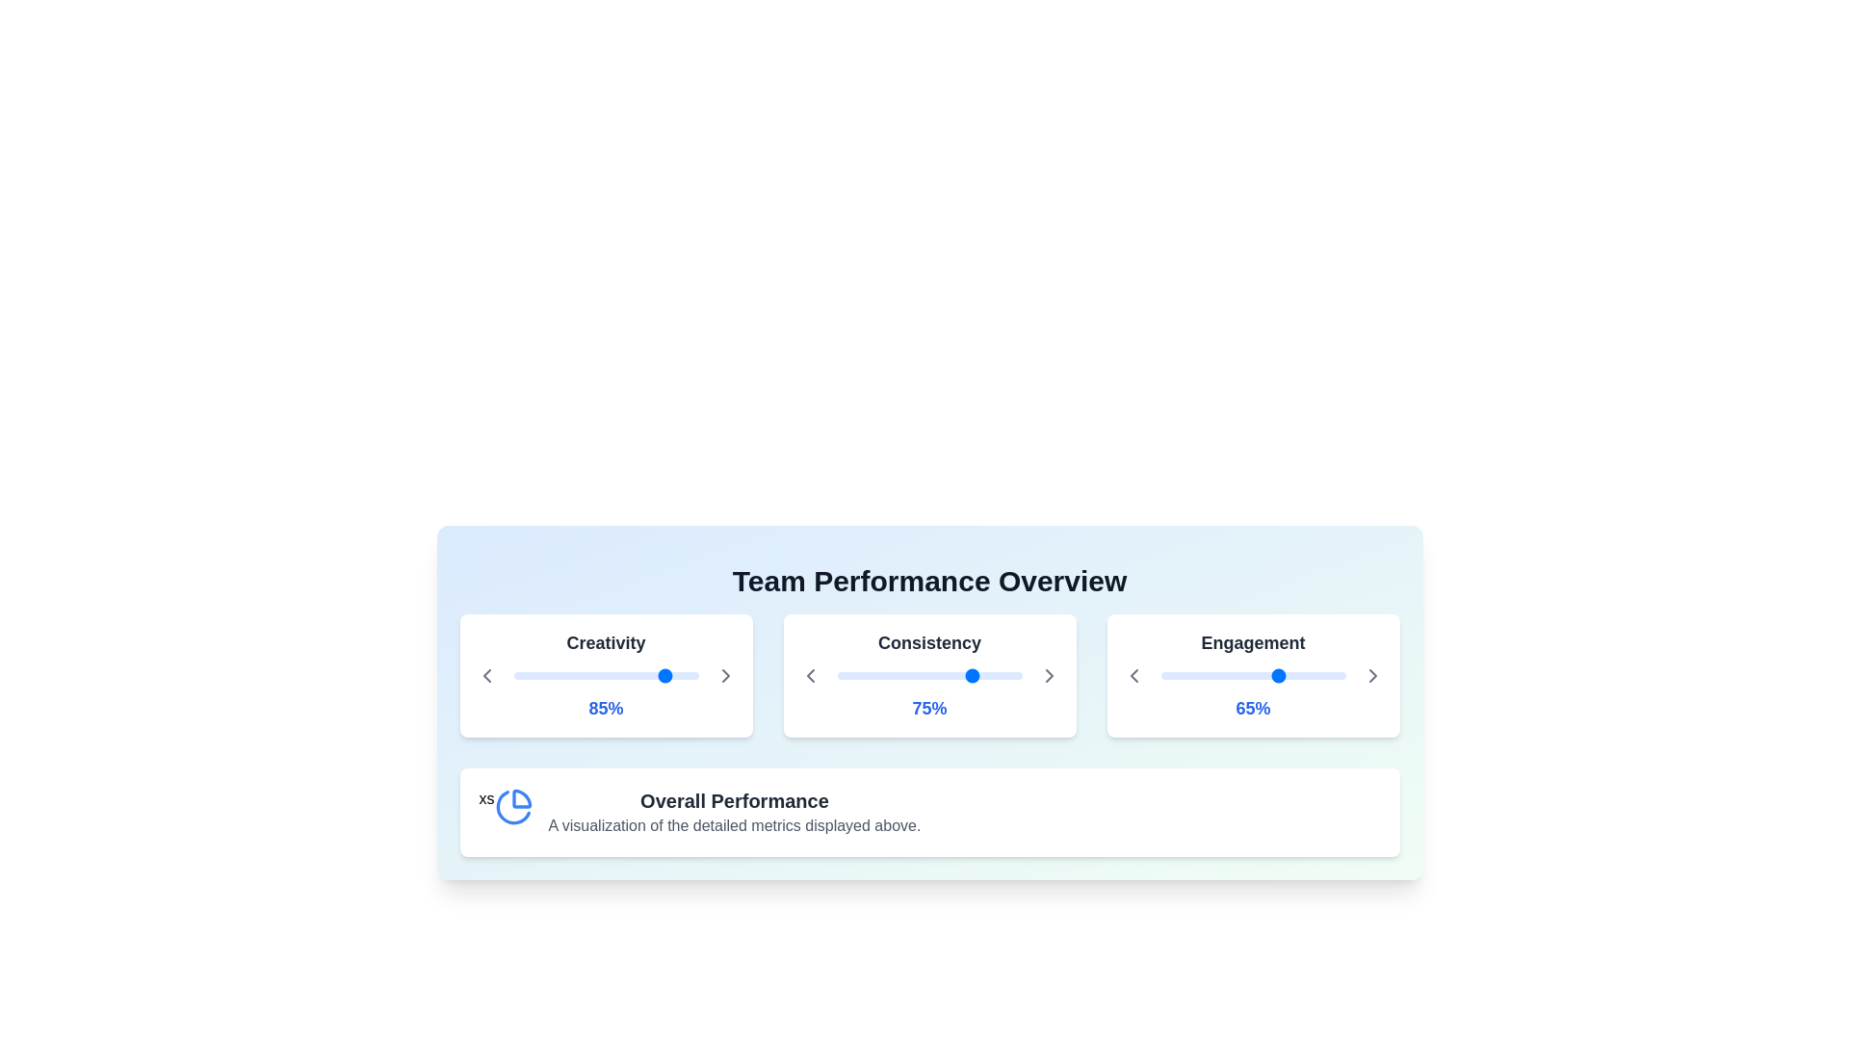 The height and width of the screenshot is (1040, 1849). What do you see at coordinates (1273, 675) in the screenshot?
I see `the Engagement slider` at bounding box center [1273, 675].